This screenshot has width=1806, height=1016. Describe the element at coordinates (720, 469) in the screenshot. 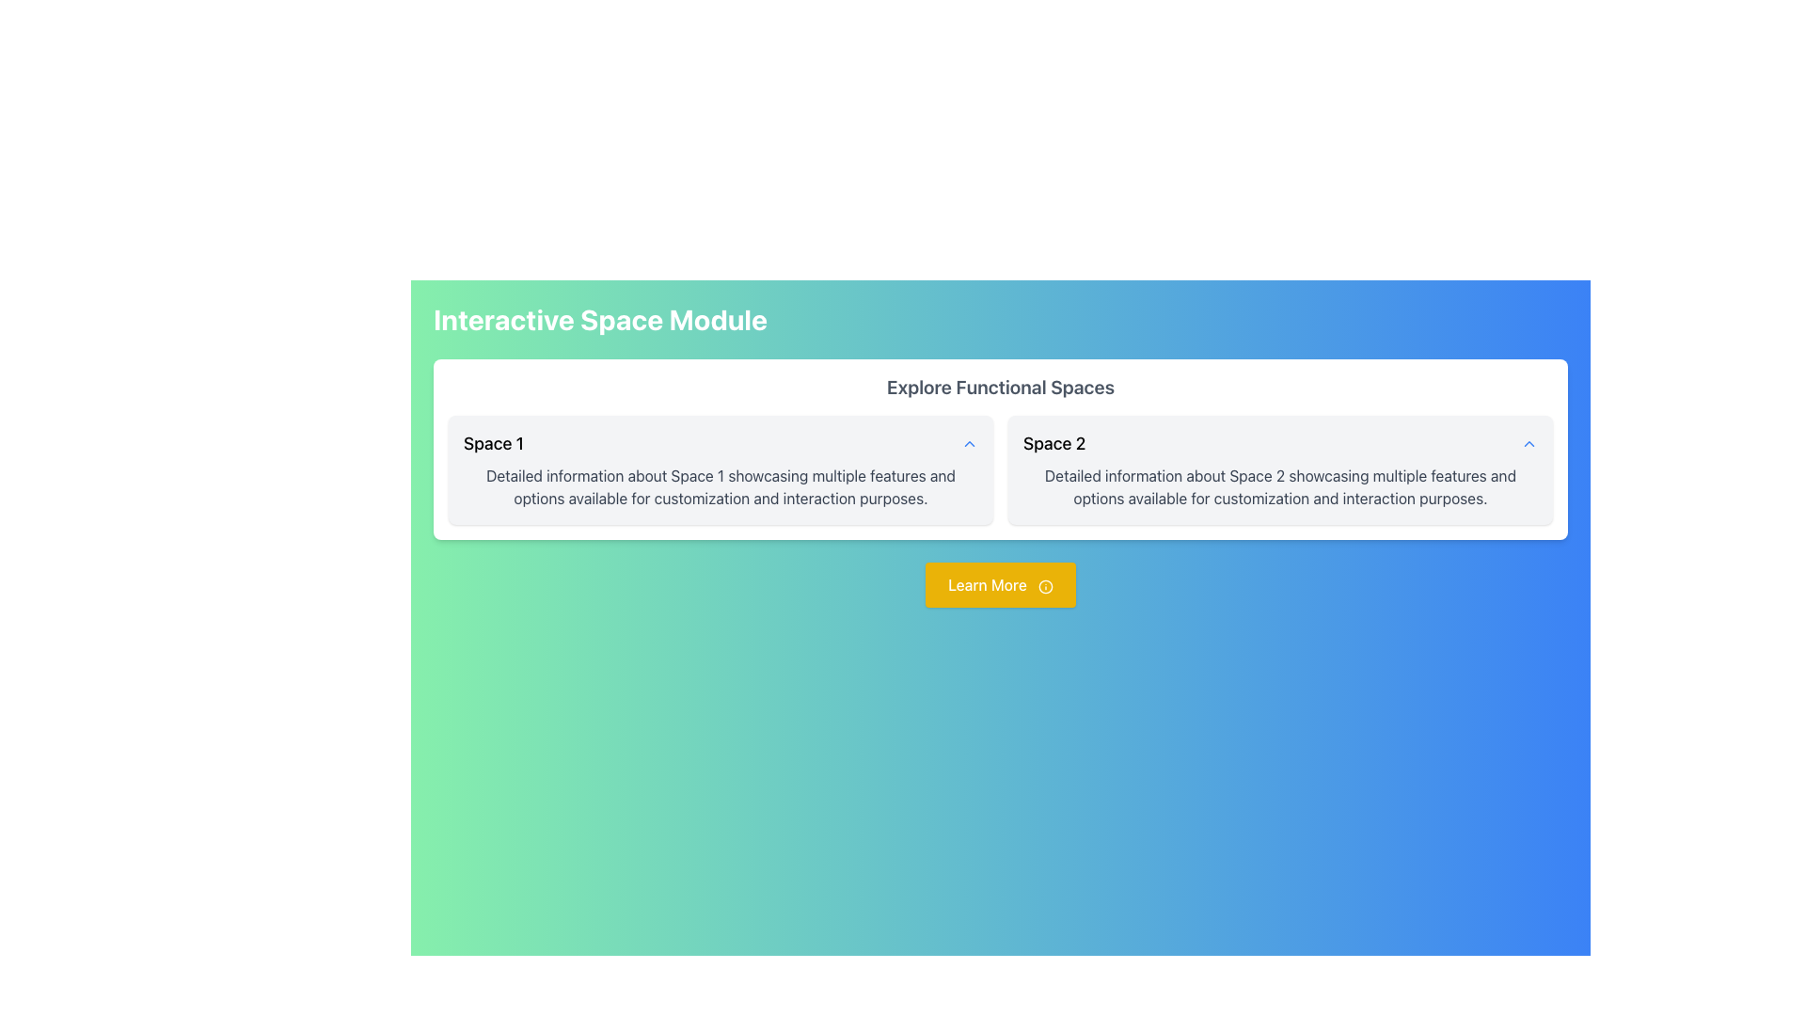

I see `the Informational card titled 'Space 1' which has a light gray background, rounded corners, and includes bold text at the top. It is the leftmost card in a two-column layout and is located in the mid-upper section of the interface` at that location.